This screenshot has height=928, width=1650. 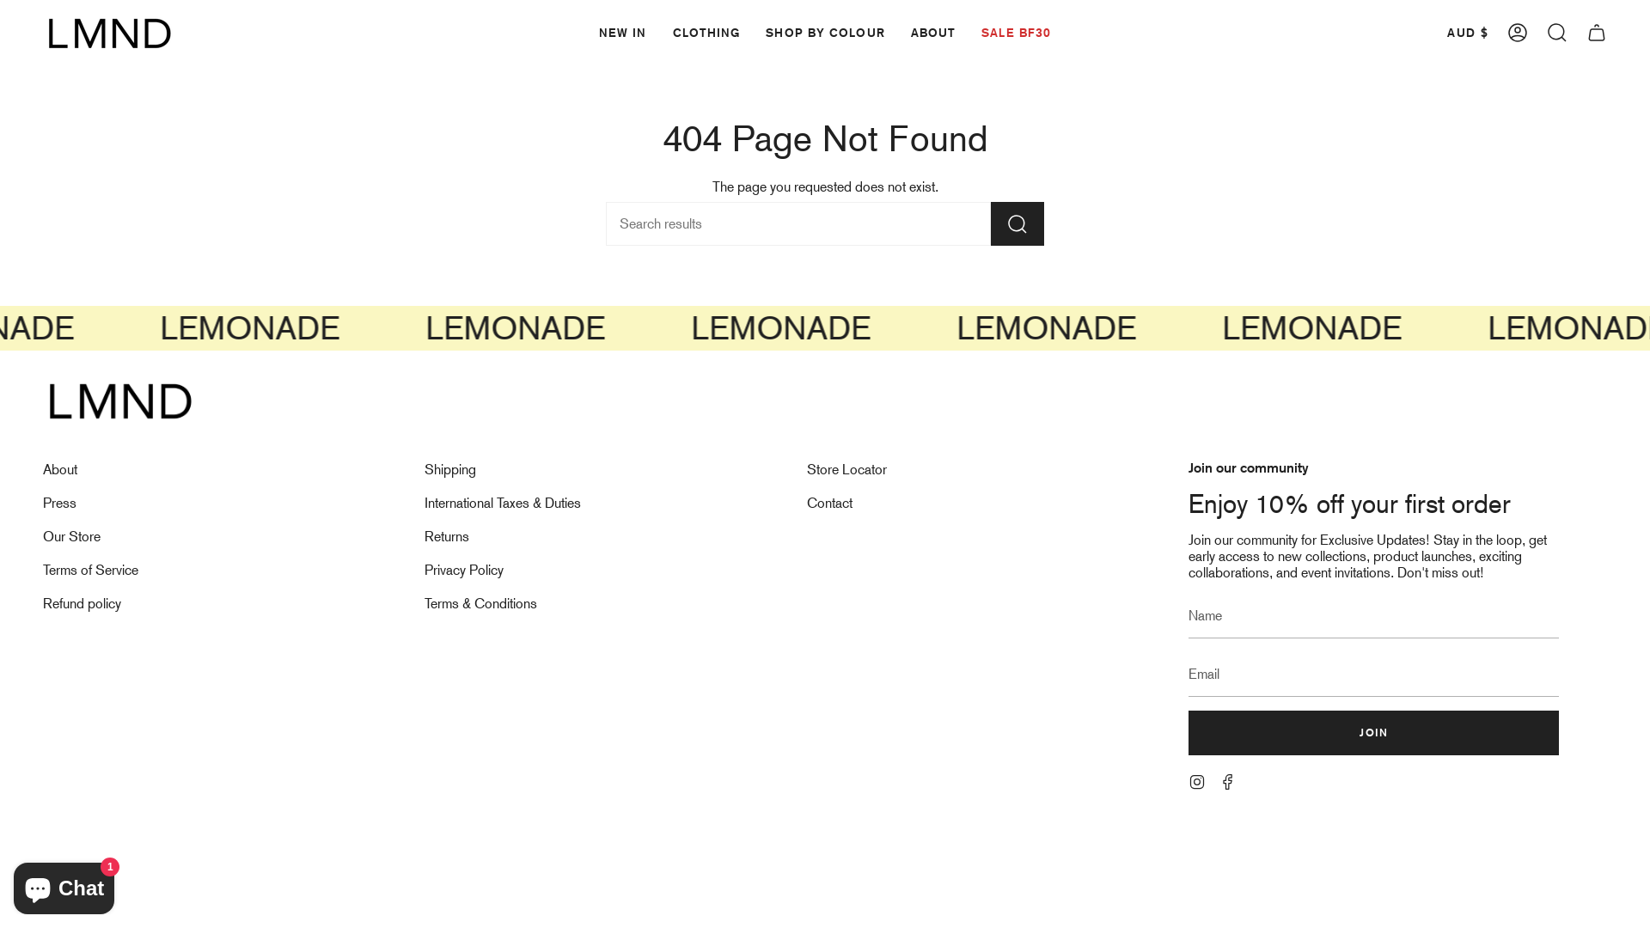 What do you see at coordinates (706, 33) in the screenshot?
I see `'CLOTHING'` at bounding box center [706, 33].